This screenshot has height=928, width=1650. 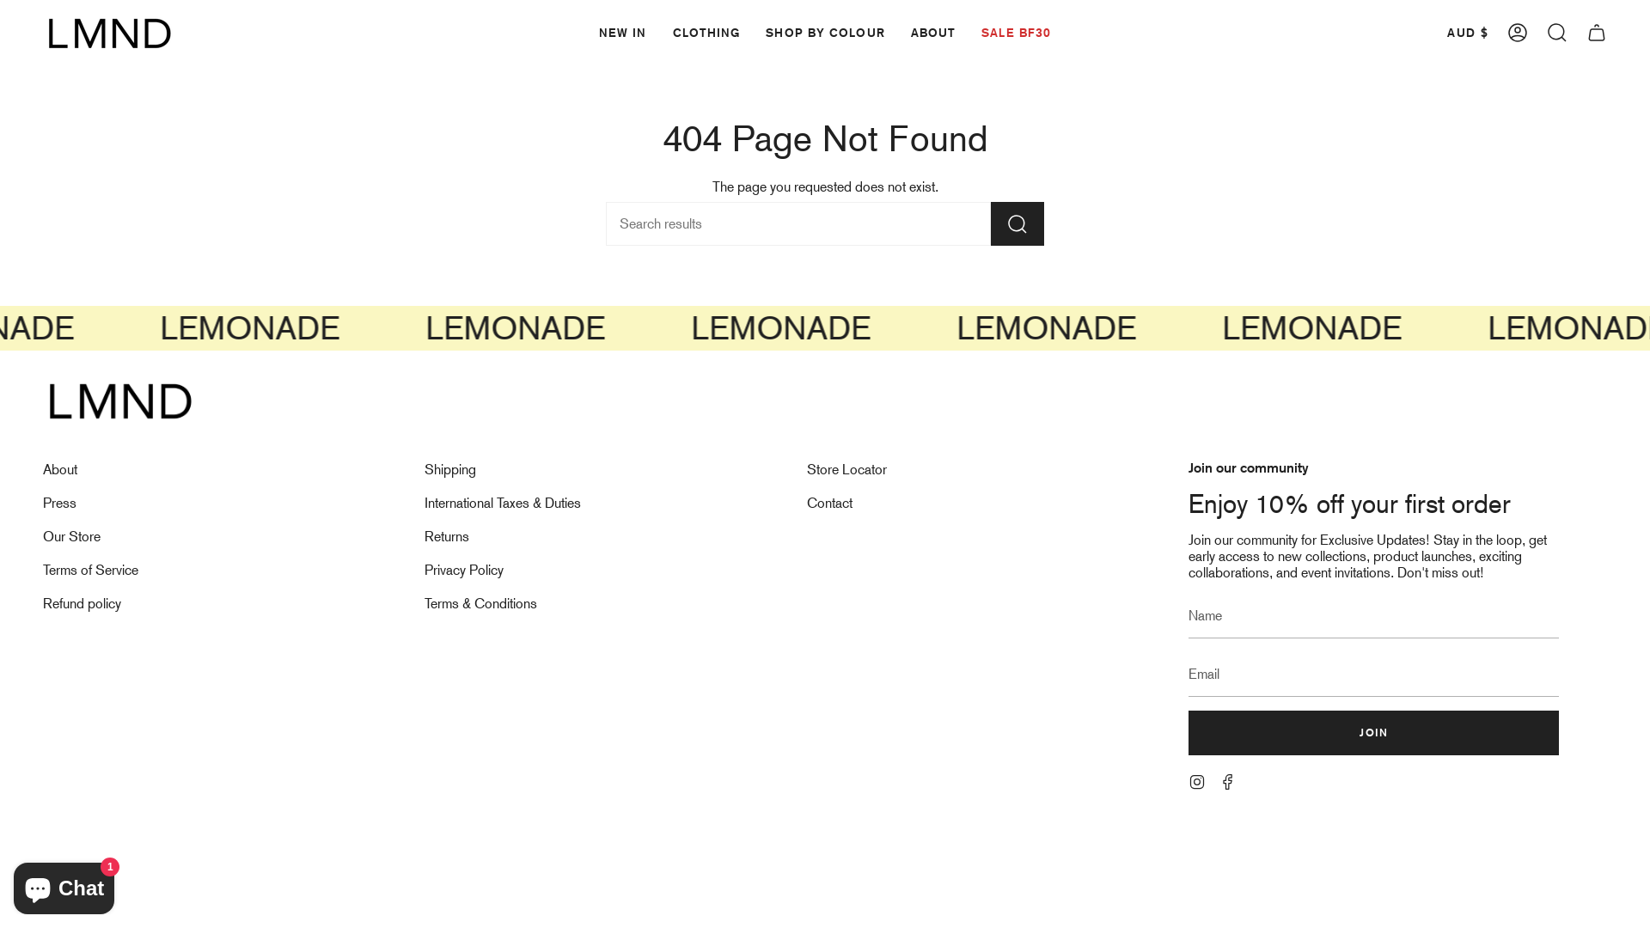 What do you see at coordinates (706, 33) in the screenshot?
I see `'CLOTHING'` at bounding box center [706, 33].